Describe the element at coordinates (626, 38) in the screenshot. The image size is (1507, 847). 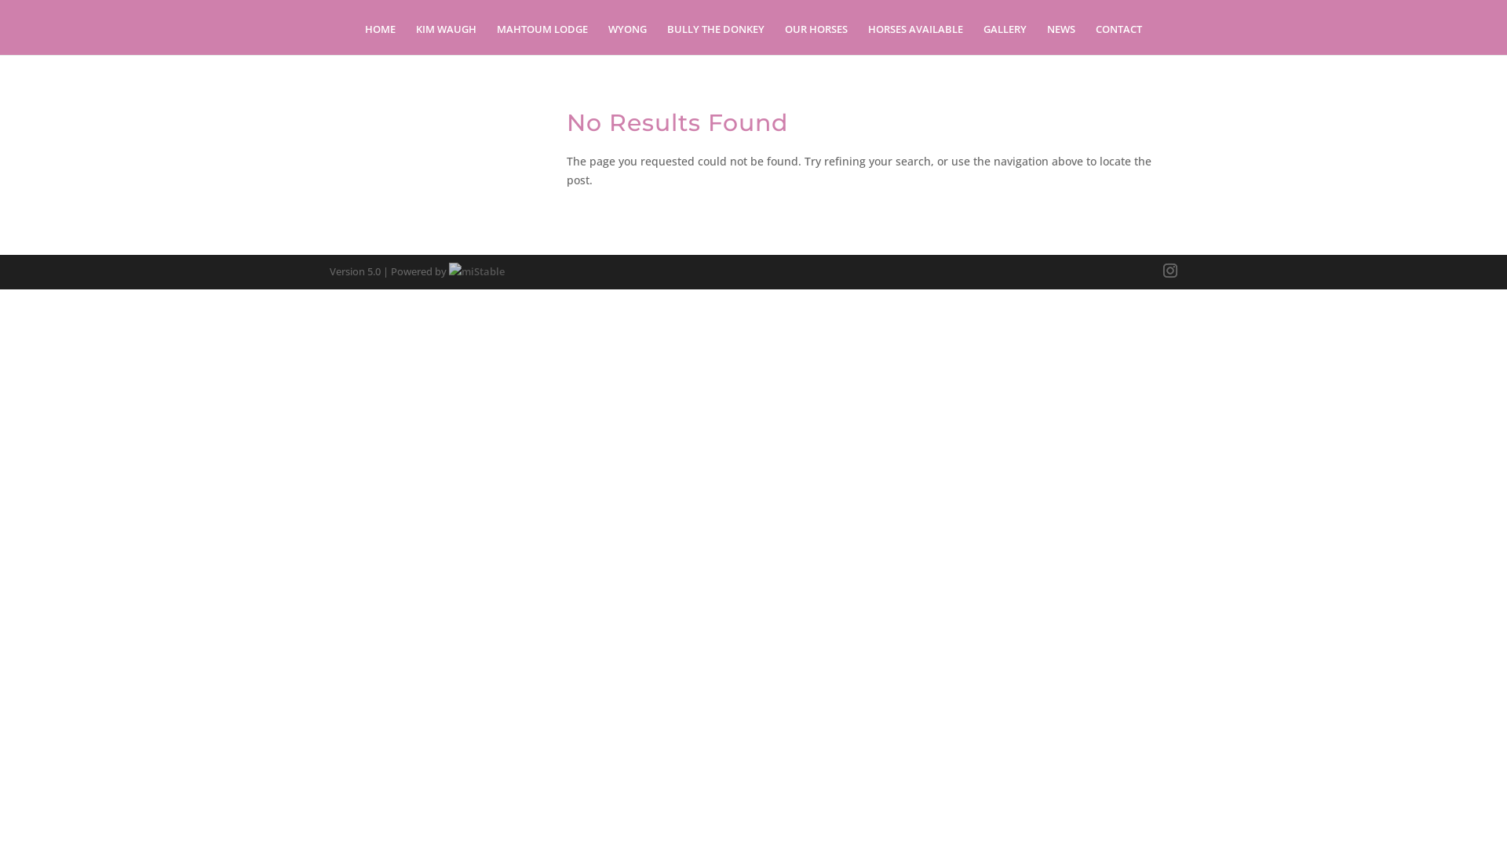
I see `'WYONG'` at that location.